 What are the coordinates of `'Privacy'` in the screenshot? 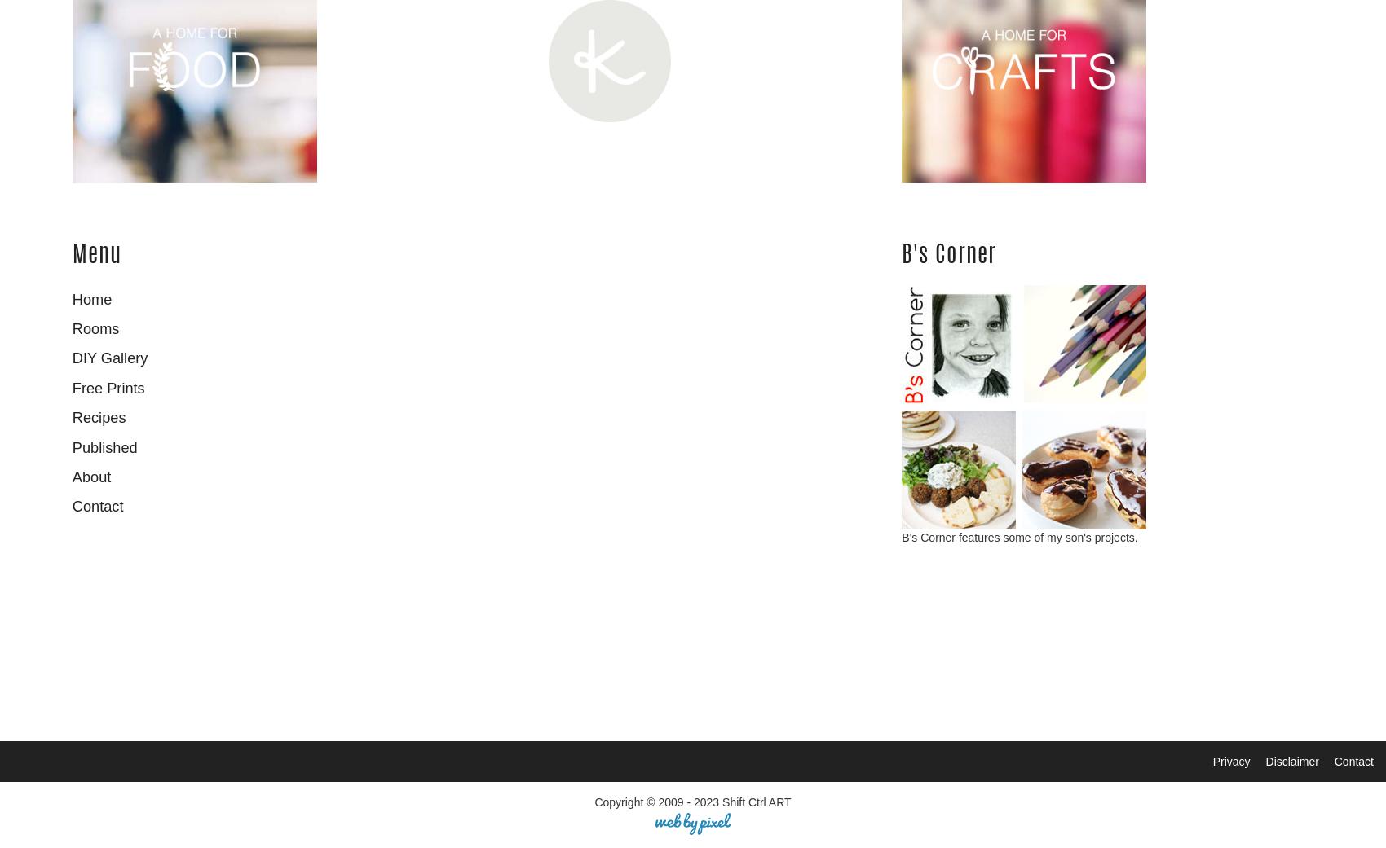 It's located at (1211, 759).